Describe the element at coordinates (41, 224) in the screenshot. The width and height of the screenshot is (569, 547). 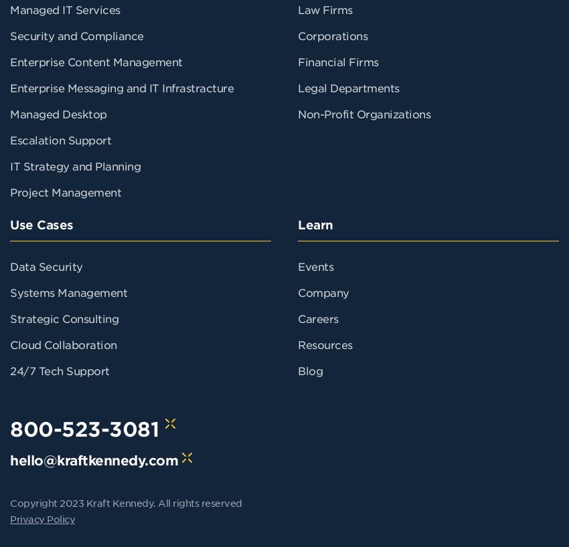
I see `'Use Cases'` at that location.